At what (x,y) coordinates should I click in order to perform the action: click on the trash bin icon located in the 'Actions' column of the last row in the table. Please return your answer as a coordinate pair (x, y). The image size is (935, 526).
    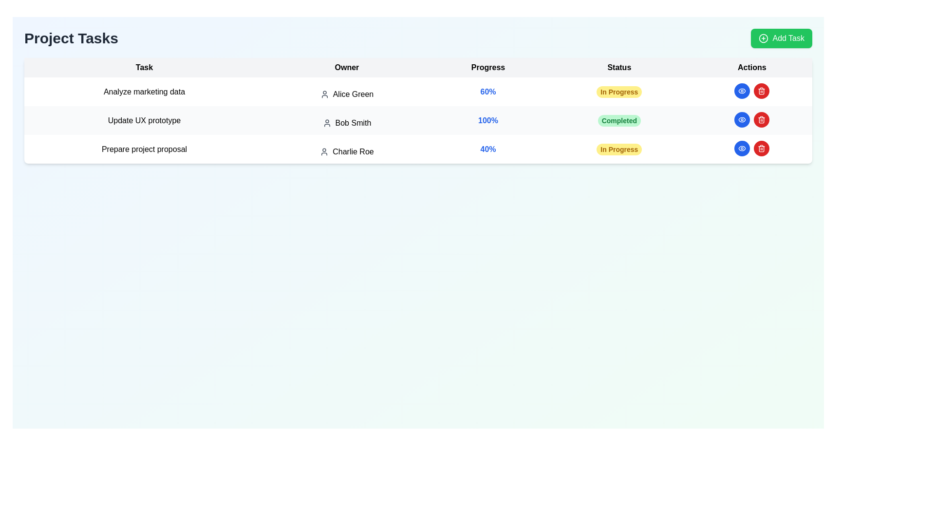
    Looking at the image, I should click on (761, 120).